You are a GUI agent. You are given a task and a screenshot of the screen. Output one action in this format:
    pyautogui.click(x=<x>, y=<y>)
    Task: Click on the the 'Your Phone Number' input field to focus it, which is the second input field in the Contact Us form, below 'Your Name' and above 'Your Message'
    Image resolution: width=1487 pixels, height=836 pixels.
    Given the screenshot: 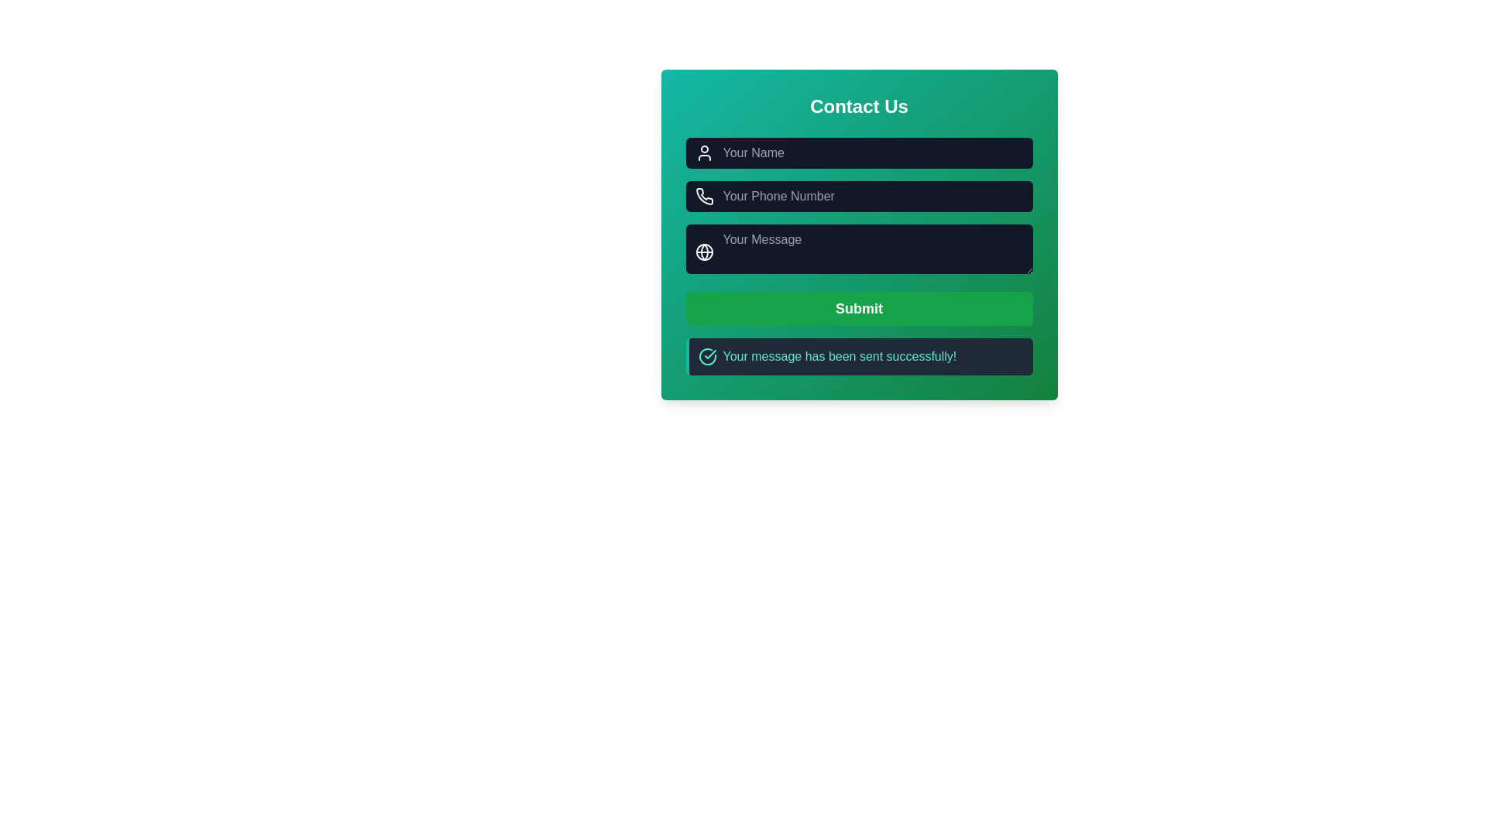 What is the action you would take?
    pyautogui.click(x=858, y=196)
    